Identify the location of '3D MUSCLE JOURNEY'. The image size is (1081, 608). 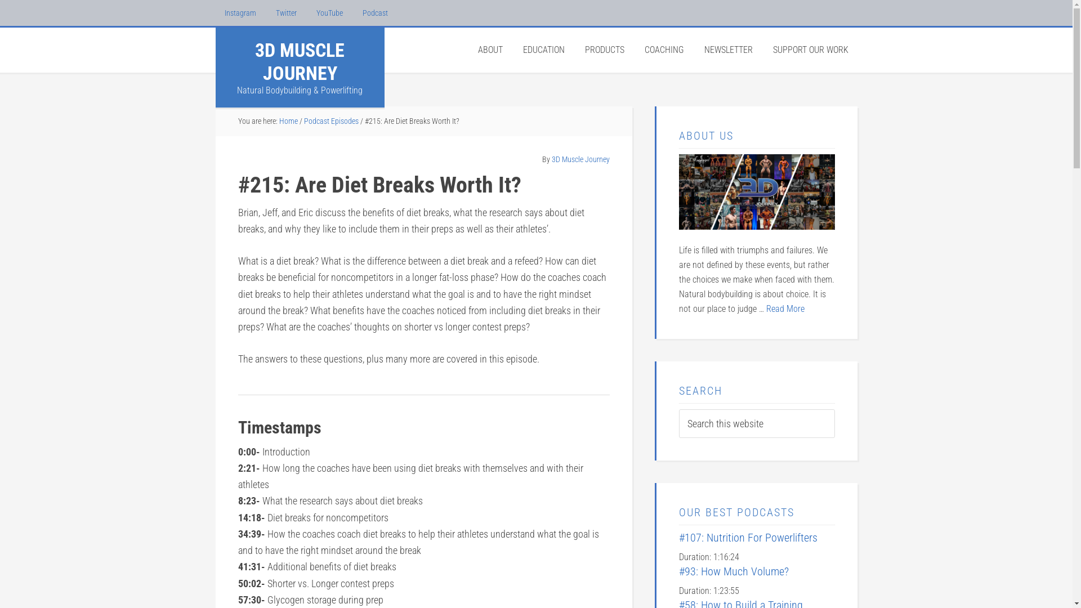
(254, 61).